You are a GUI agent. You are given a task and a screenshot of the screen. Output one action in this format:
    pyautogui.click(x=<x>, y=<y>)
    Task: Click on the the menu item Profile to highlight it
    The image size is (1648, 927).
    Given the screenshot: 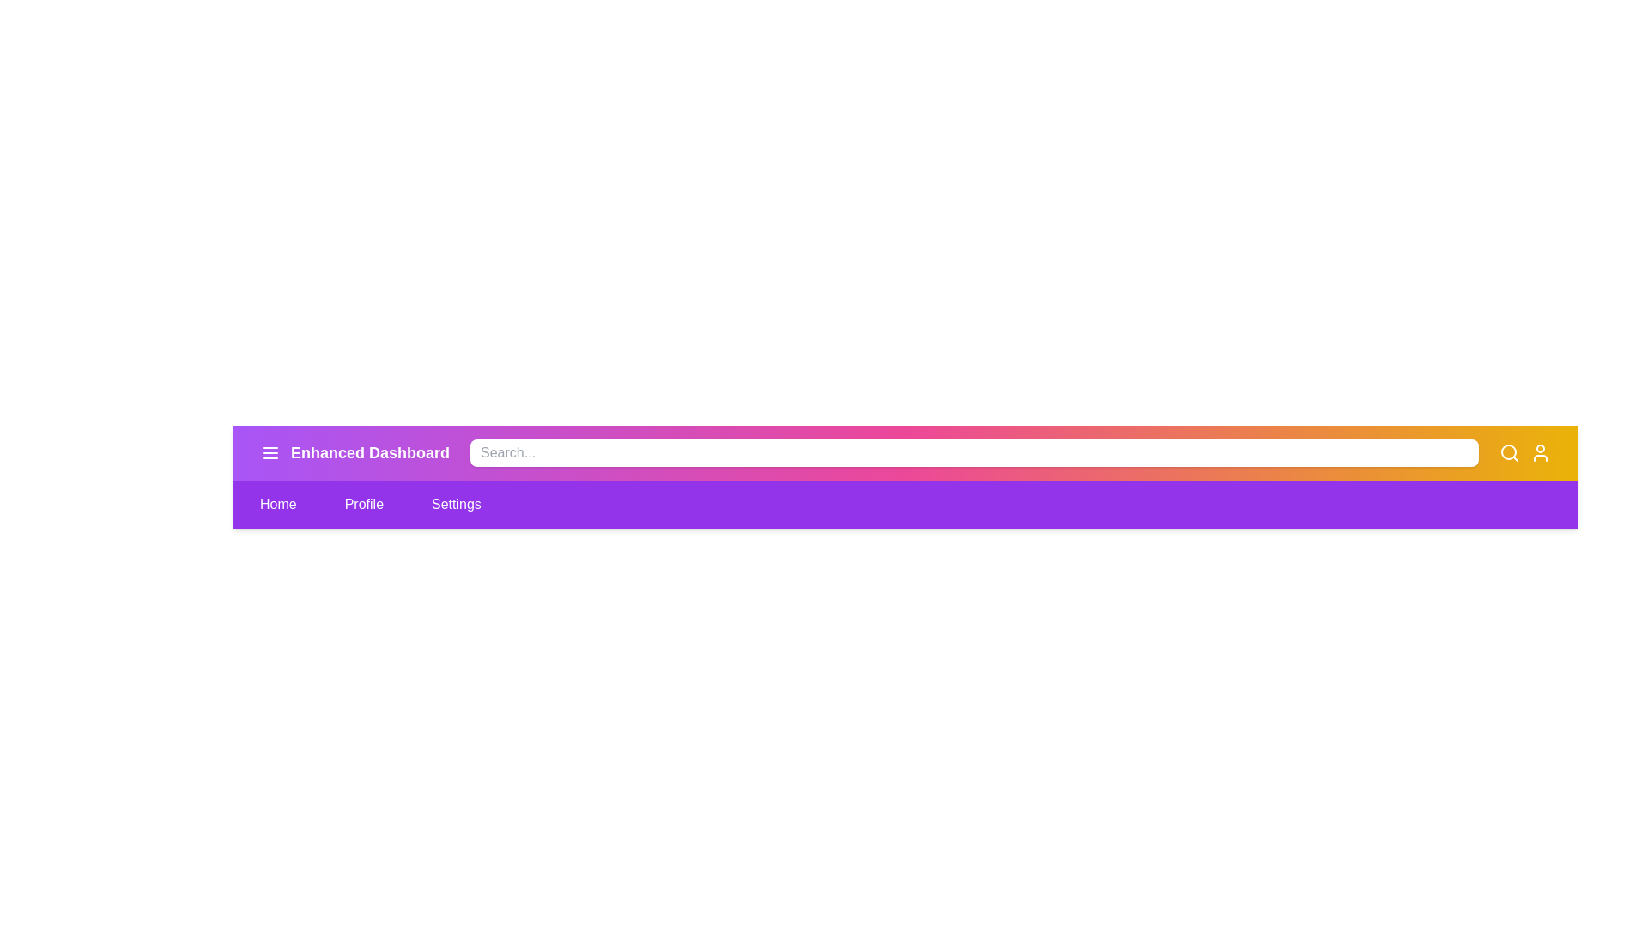 What is the action you would take?
    pyautogui.click(x=362, y=503)
    